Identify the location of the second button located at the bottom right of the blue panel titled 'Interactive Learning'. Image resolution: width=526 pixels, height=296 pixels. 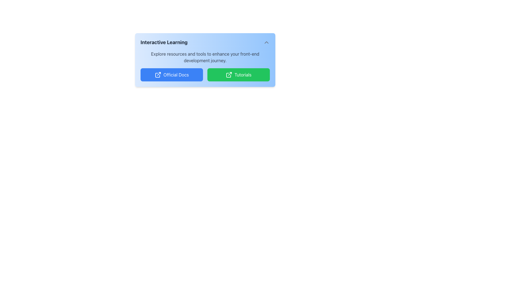
(238, 75).